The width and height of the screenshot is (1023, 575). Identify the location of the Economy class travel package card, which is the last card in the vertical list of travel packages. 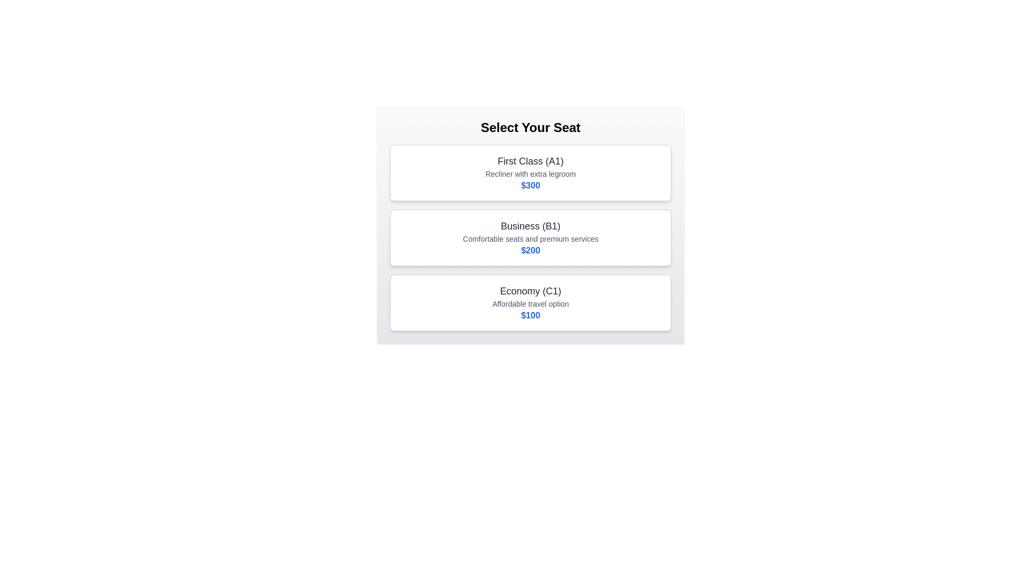
(531, 303).